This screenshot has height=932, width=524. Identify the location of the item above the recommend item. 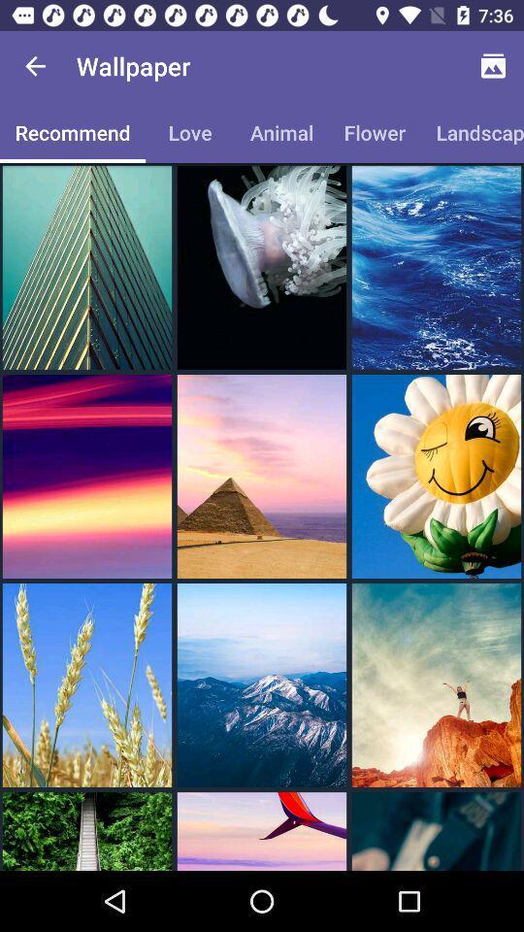
(35, 66).